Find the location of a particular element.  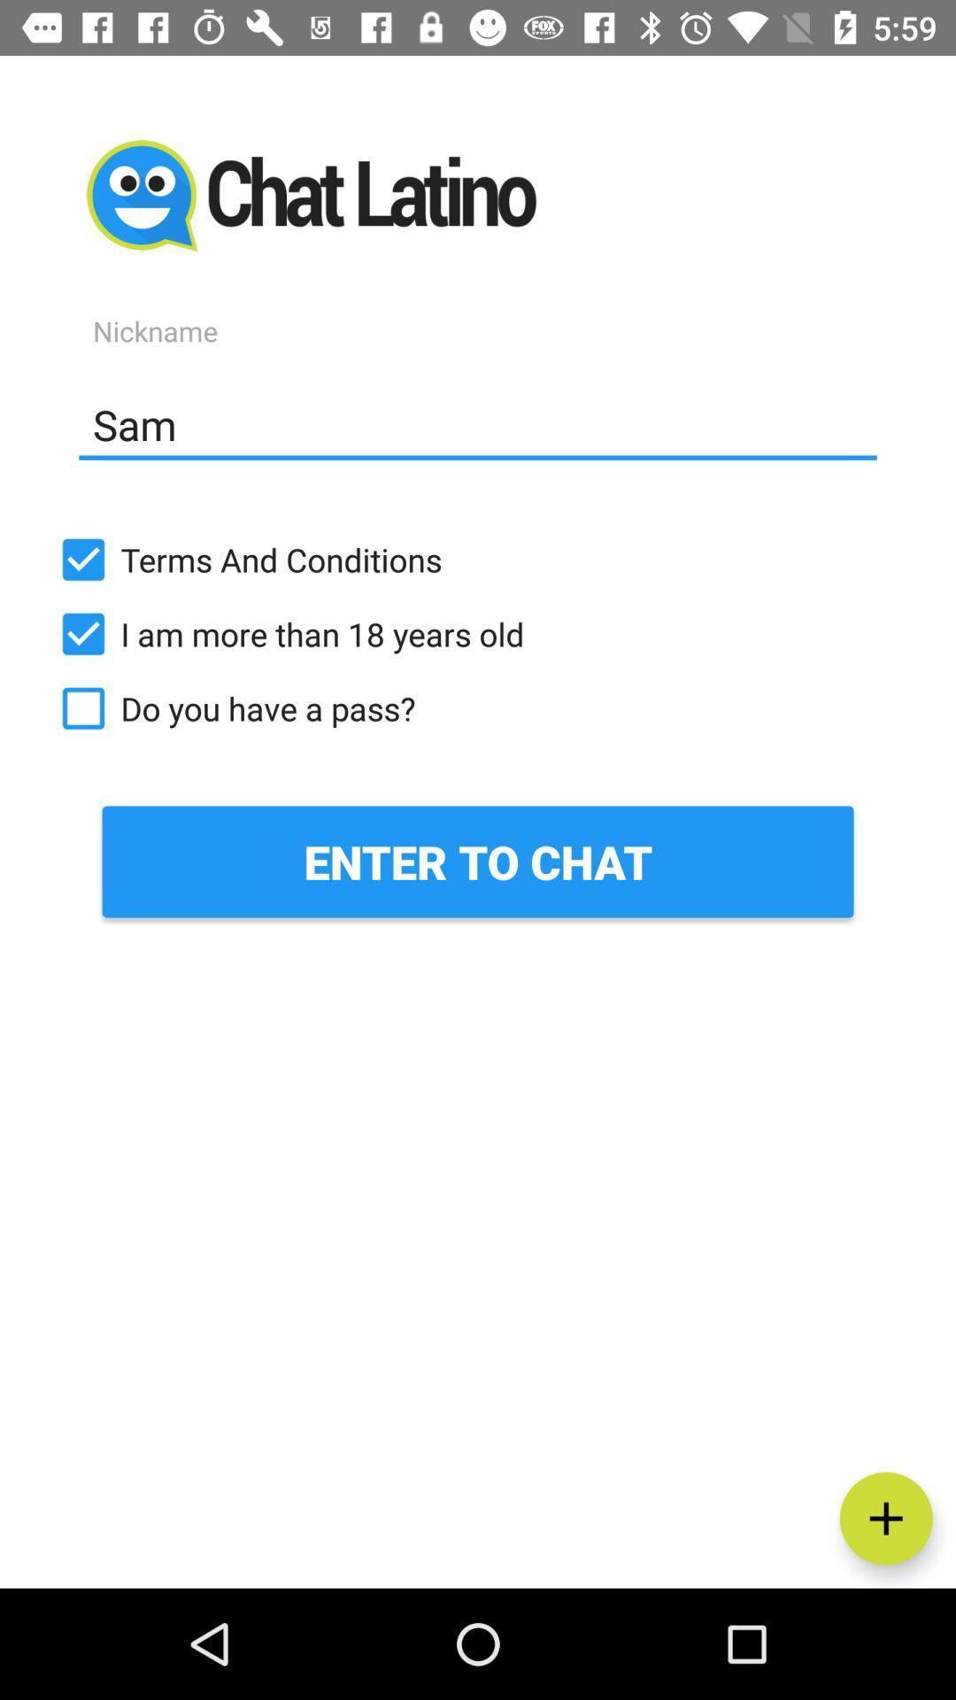

the do you have is located at coordinates (478, 708).